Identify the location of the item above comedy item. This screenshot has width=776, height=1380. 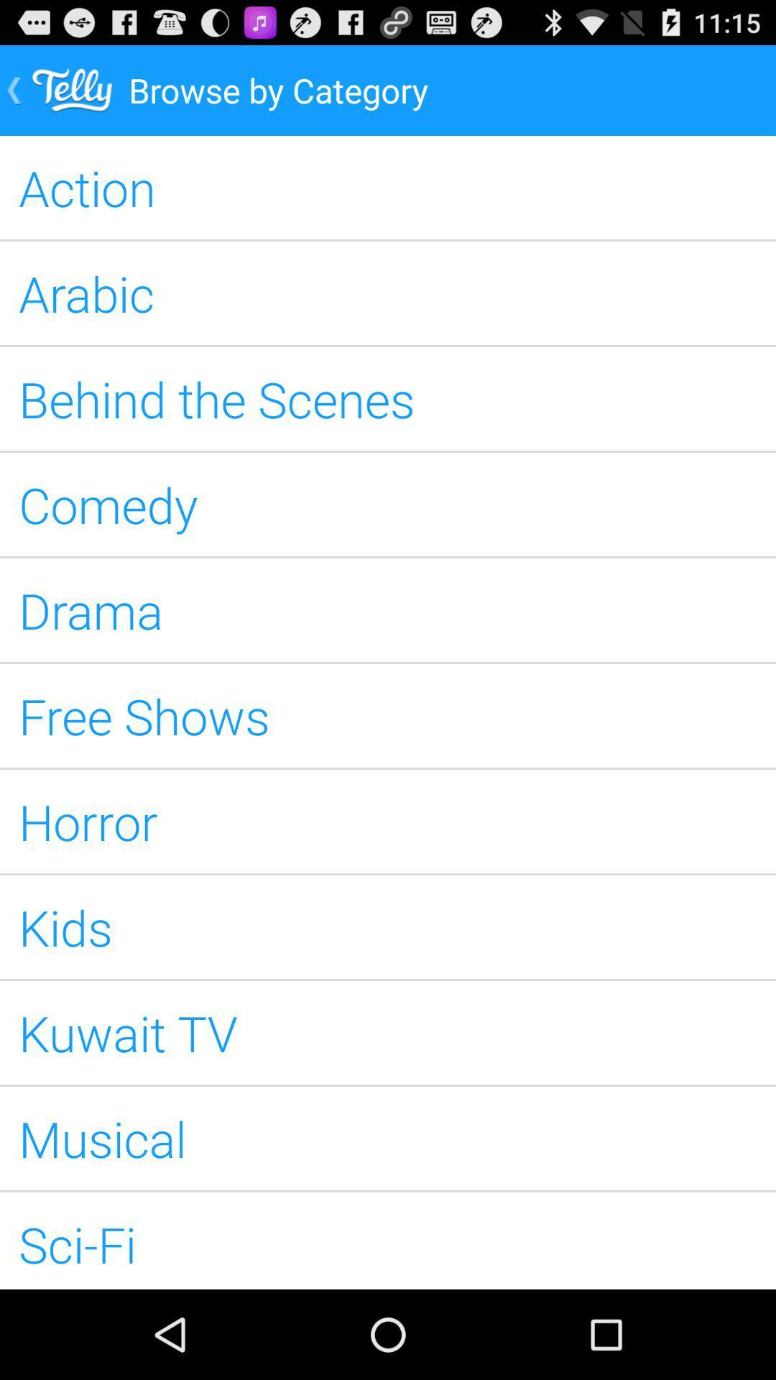
(388, 399).